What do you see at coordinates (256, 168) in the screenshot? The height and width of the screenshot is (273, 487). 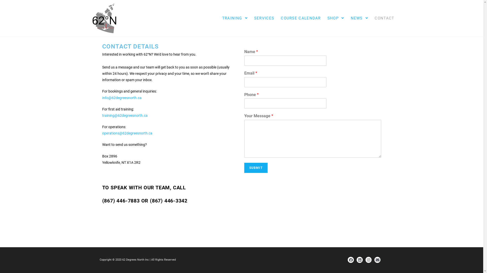 I see `'SUBMIT'` at bounding box center [256, 168].